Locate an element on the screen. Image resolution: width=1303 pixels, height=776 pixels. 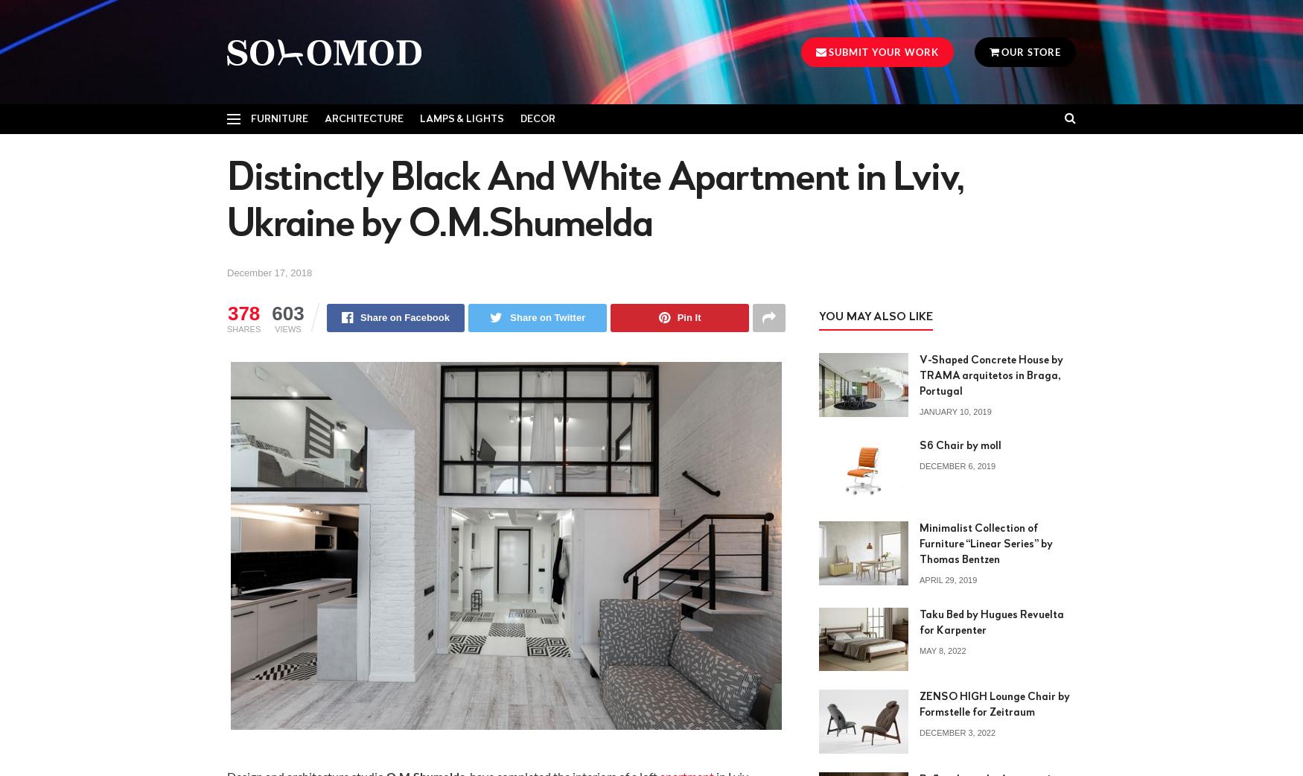
'ZENSO HIGH Lounge Chair by Formstelle for Zeitraum' is located at coordinates (994, 704).